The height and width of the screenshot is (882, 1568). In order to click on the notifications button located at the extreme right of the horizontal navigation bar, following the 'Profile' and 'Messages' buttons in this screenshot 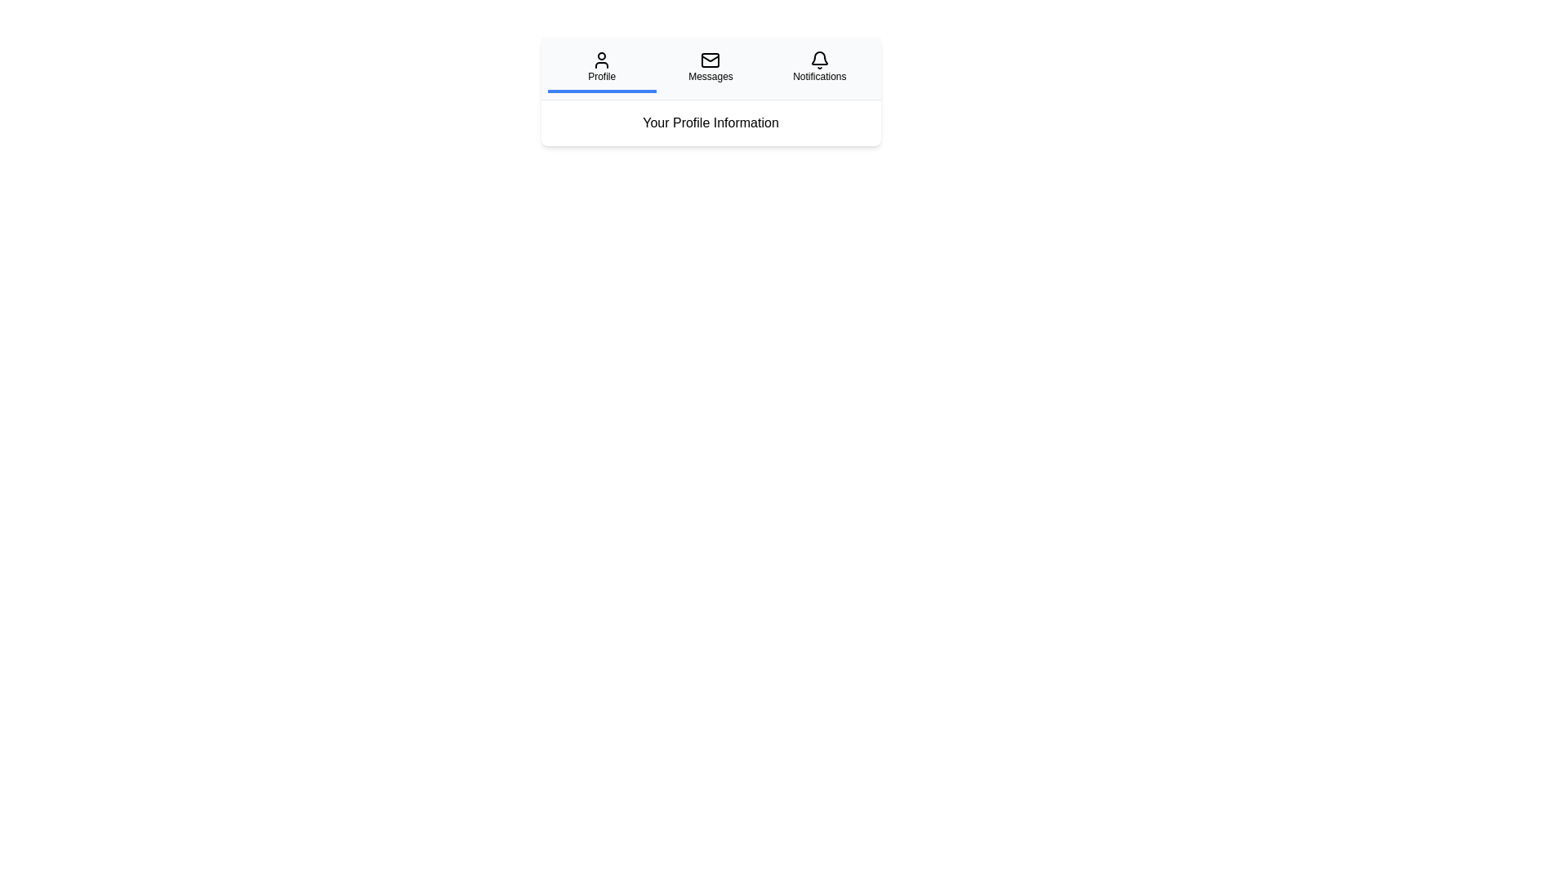, I will do `click(819, 68)`.